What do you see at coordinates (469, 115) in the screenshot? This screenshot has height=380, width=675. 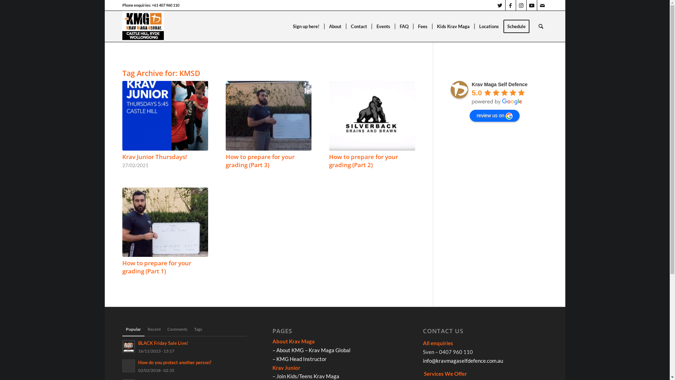 I see `'review us on'` at bounding box center [469, 115].